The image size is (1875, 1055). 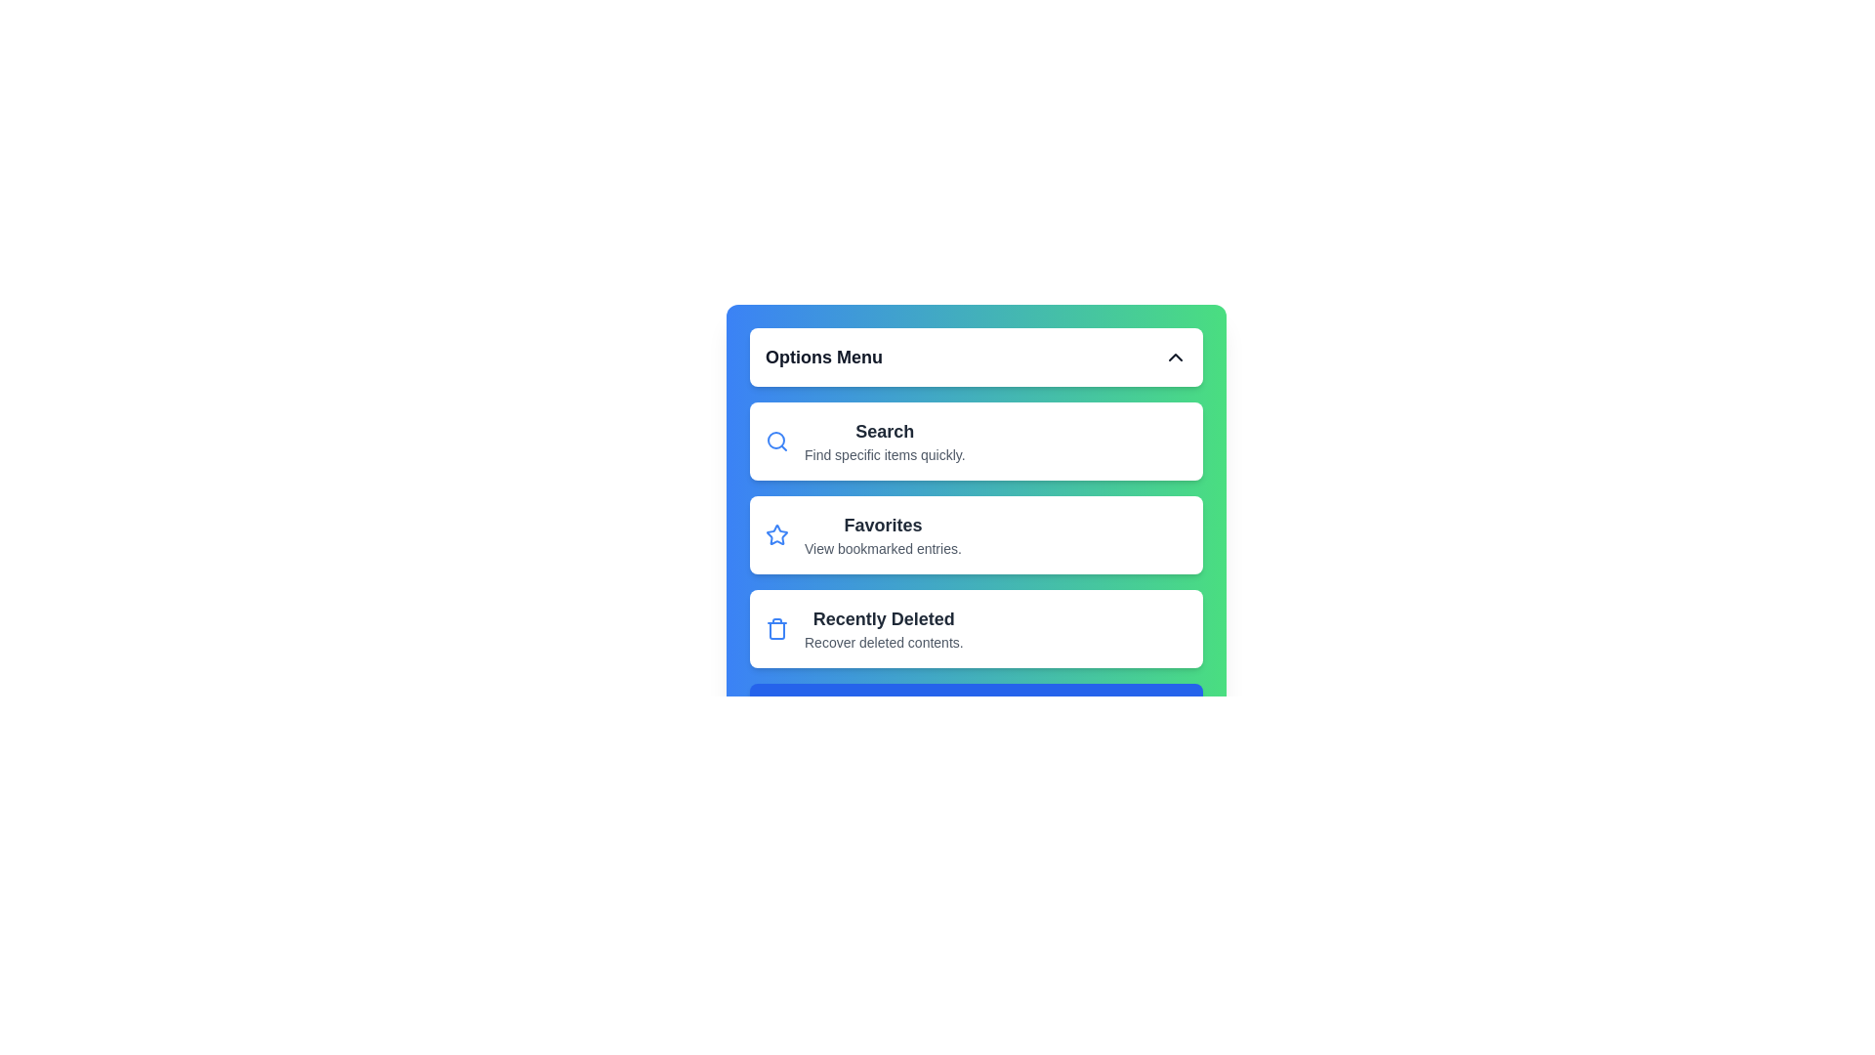 I want to click on the supplementary text label that provides a description for the 'Search' feature, located directly below the 'Search' text element in the top section of the vertically stacked menu list, so click(x=884, y=455).